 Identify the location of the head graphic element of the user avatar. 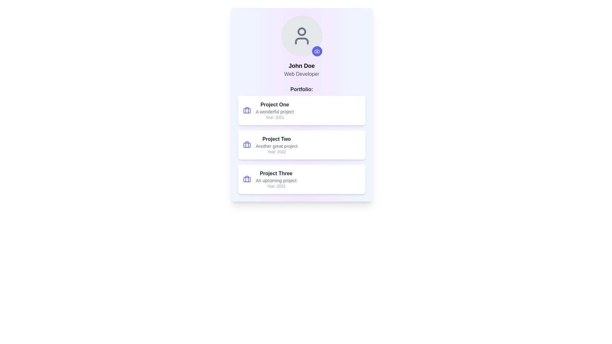
(301, 32).